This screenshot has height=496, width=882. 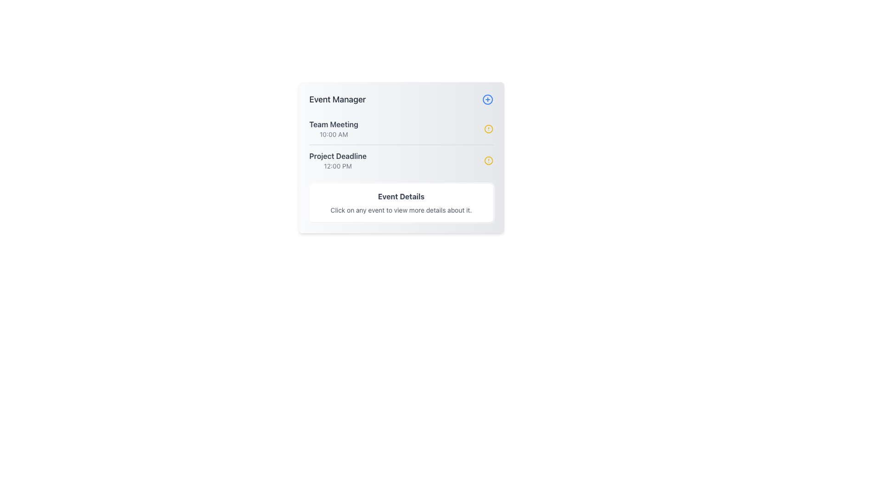 I want to click on the Text Block indicating the scheduled event 'Project Deadline', located in the second row of event items, below 'Team Meeting 10:00 AM', so click(x=337, y=160).